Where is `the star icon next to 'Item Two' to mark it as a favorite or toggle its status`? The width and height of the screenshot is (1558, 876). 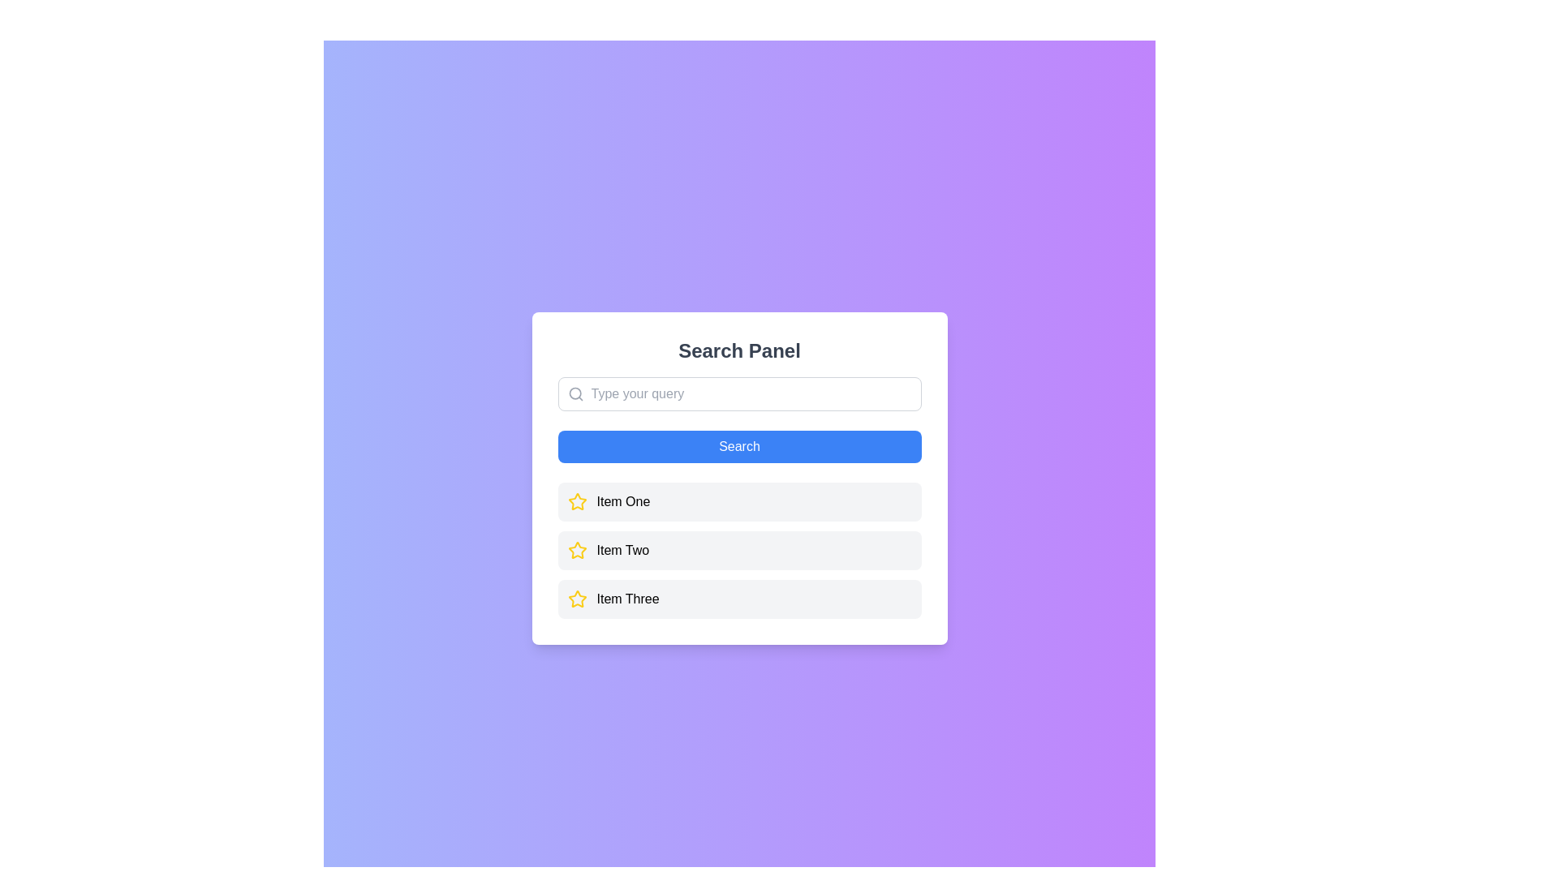
the star icon next to 'Item Two' to mark it as a favorite or toggle its status is located at coordinates (577, 500).